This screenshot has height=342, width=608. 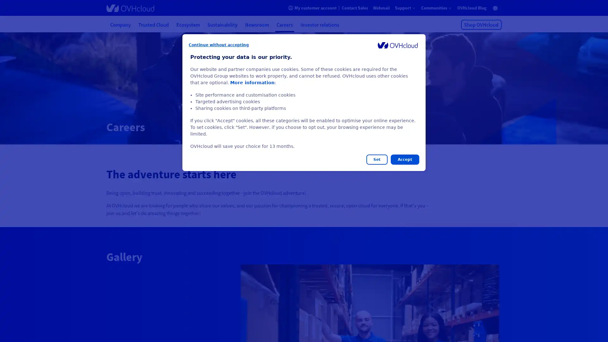 What do you see at coordinates (219, 45) in the screenshot?
I see `Continue without accepting` at bounding box center [219, 45].